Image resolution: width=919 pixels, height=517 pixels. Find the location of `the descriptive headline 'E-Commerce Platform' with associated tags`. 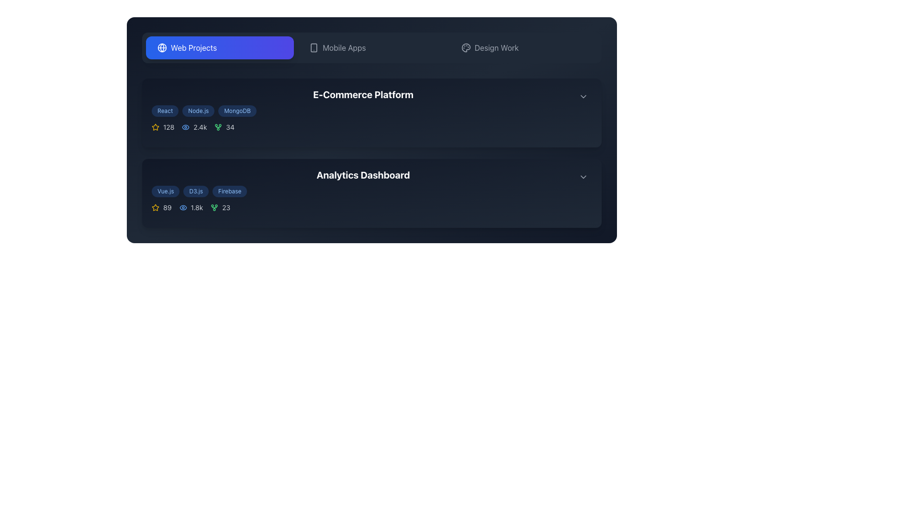

the descriptive headline 'E-Commerce Platform' with associated tags is located at coordinates (362, 105).